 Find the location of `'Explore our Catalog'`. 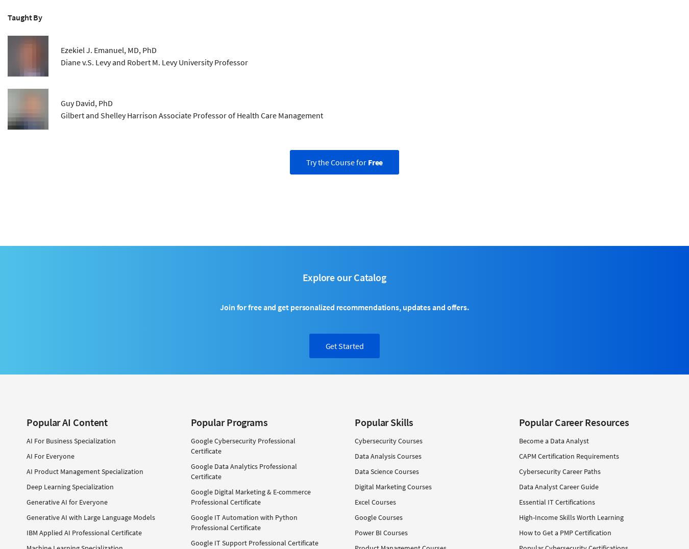

'Explore our Catalog' is located at coordinates (344, 277).